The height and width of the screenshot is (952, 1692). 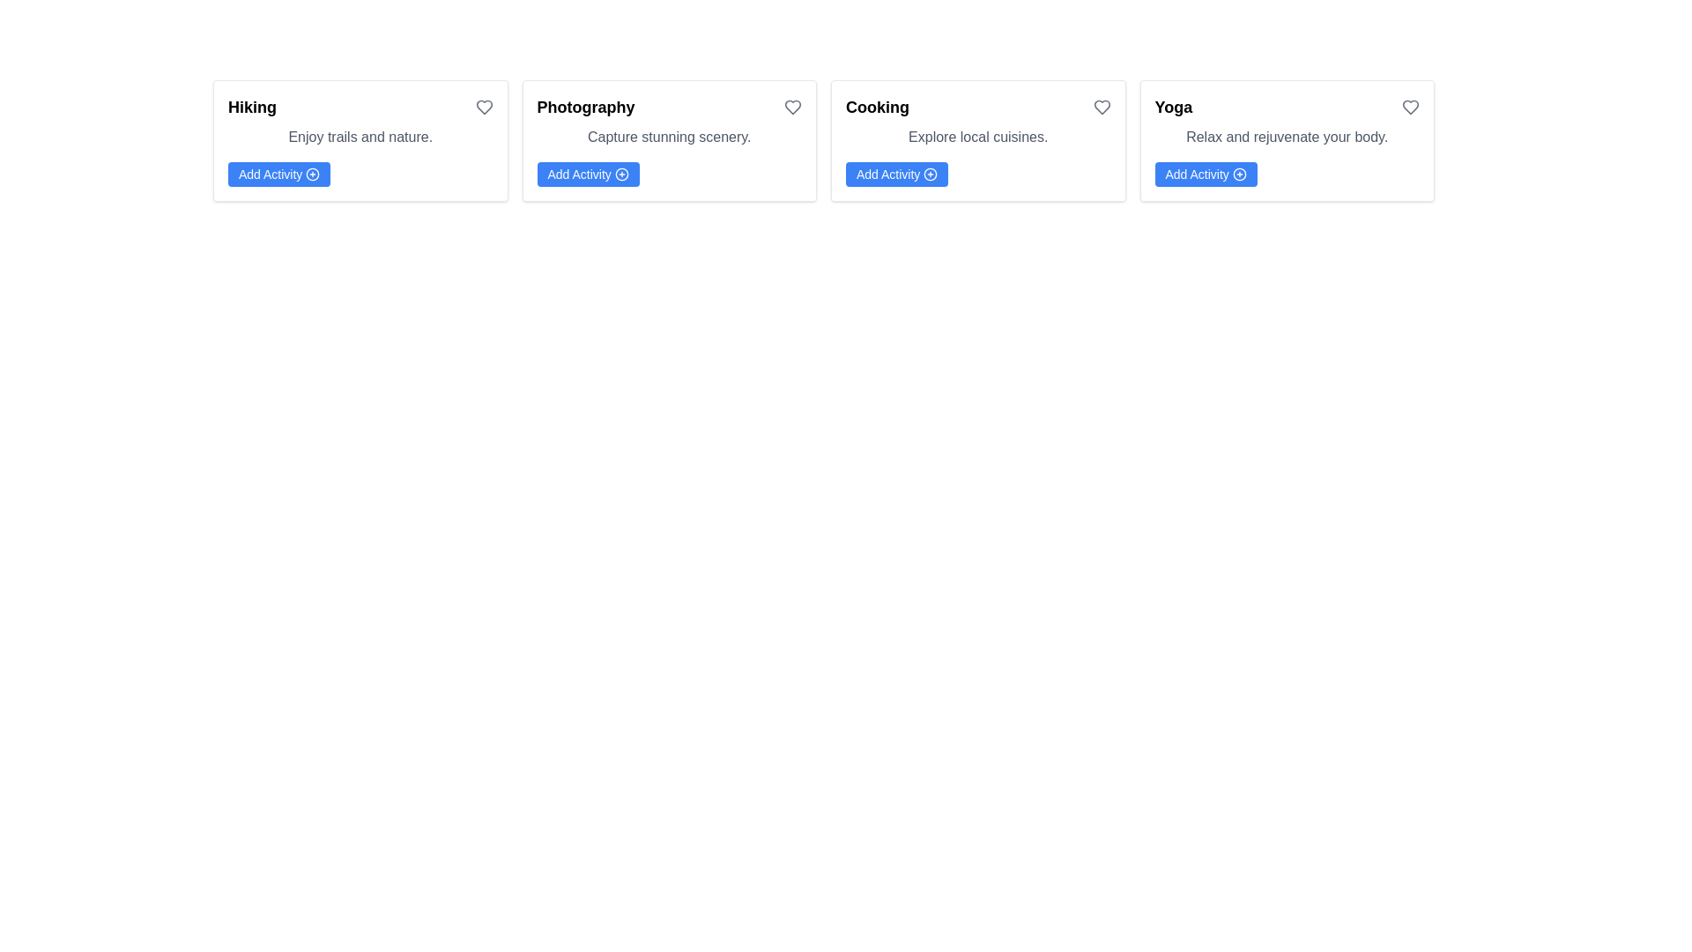 I want to click on the button, so click(x=278, y=174).